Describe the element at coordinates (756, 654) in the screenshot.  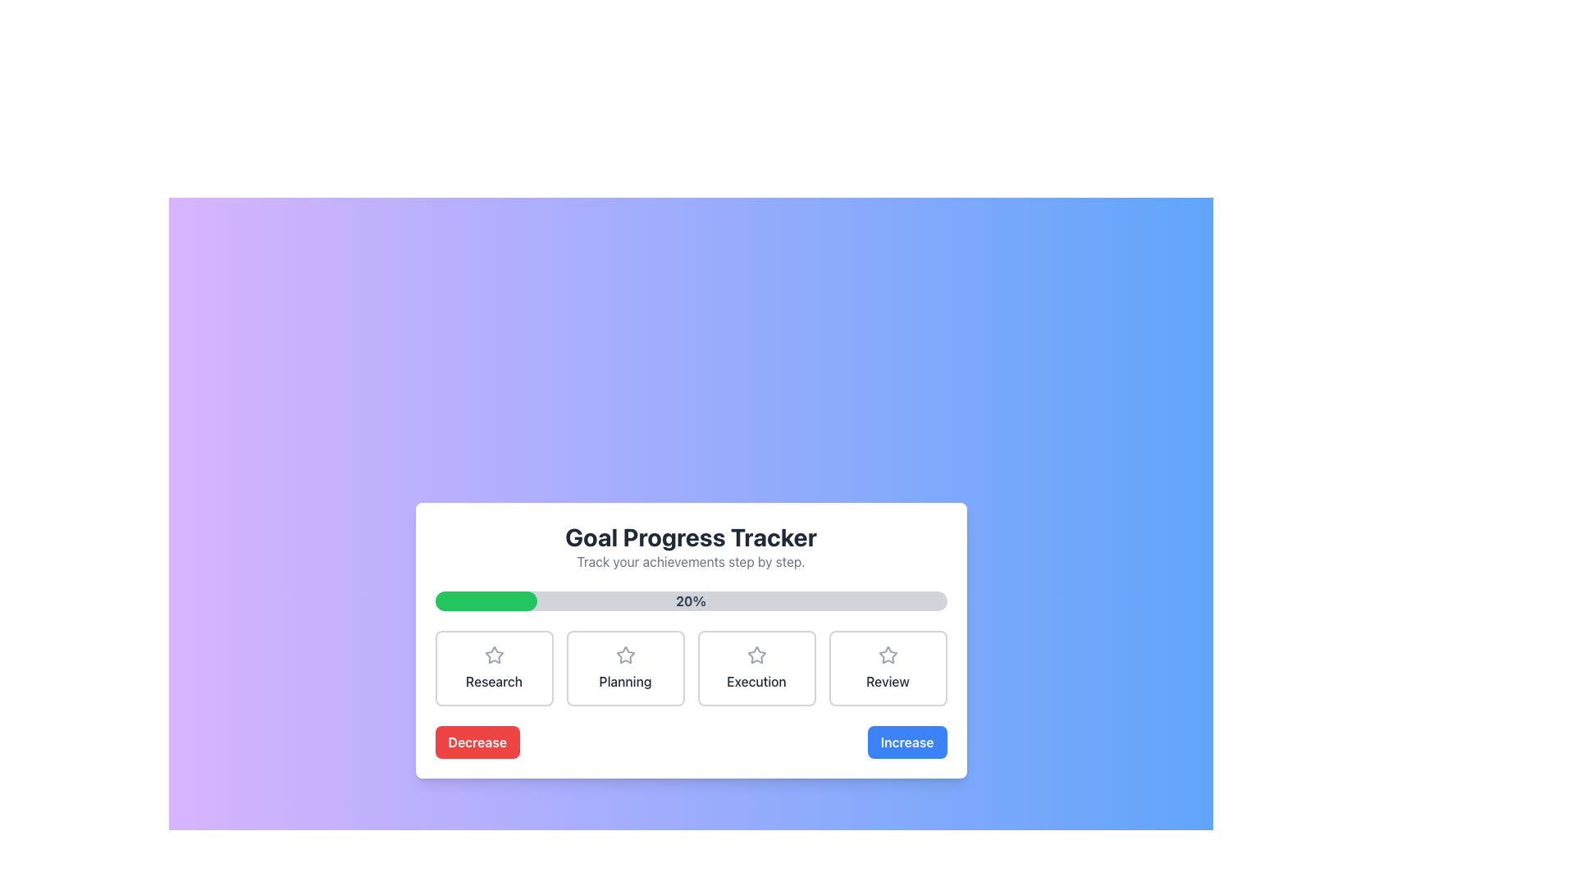
I see `the star icon located in the center of the third option ('Execution') from the left, between 'Planning' and 'Review'` at that location.